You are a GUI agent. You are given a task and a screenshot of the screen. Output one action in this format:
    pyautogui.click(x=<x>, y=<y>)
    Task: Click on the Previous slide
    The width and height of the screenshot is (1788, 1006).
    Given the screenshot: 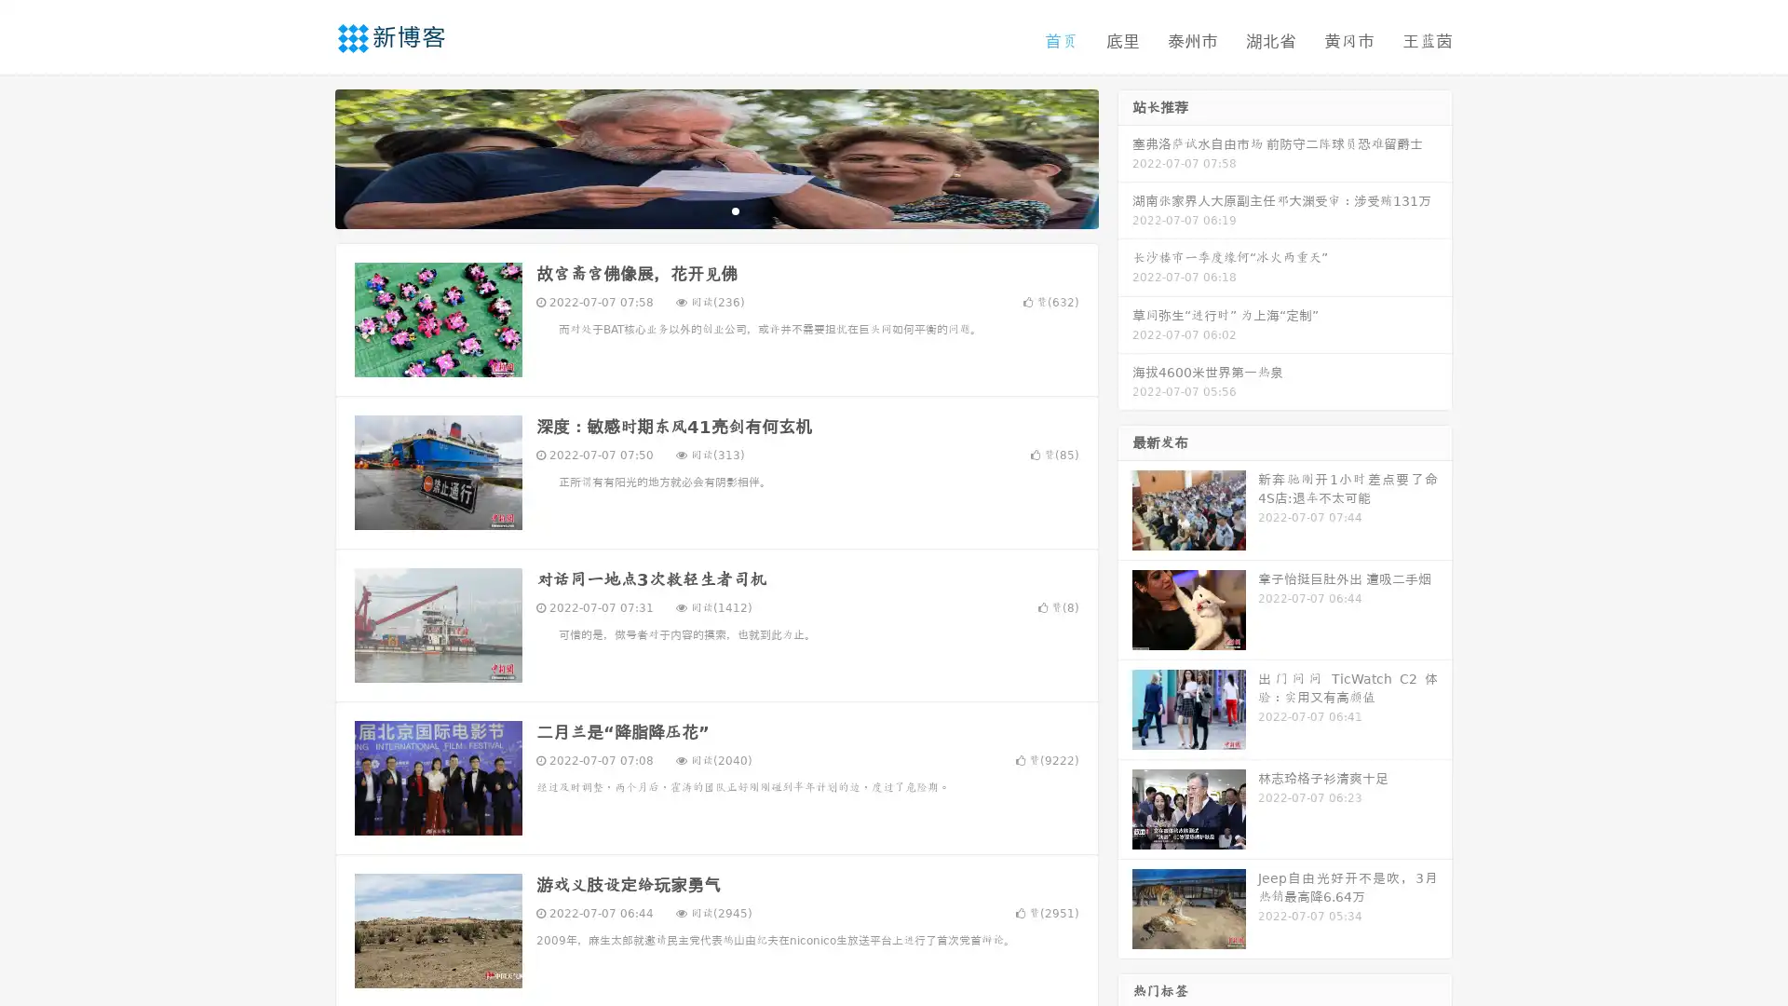 What is the action you would take?
    pyautogui.click(x=307, y=156)
    